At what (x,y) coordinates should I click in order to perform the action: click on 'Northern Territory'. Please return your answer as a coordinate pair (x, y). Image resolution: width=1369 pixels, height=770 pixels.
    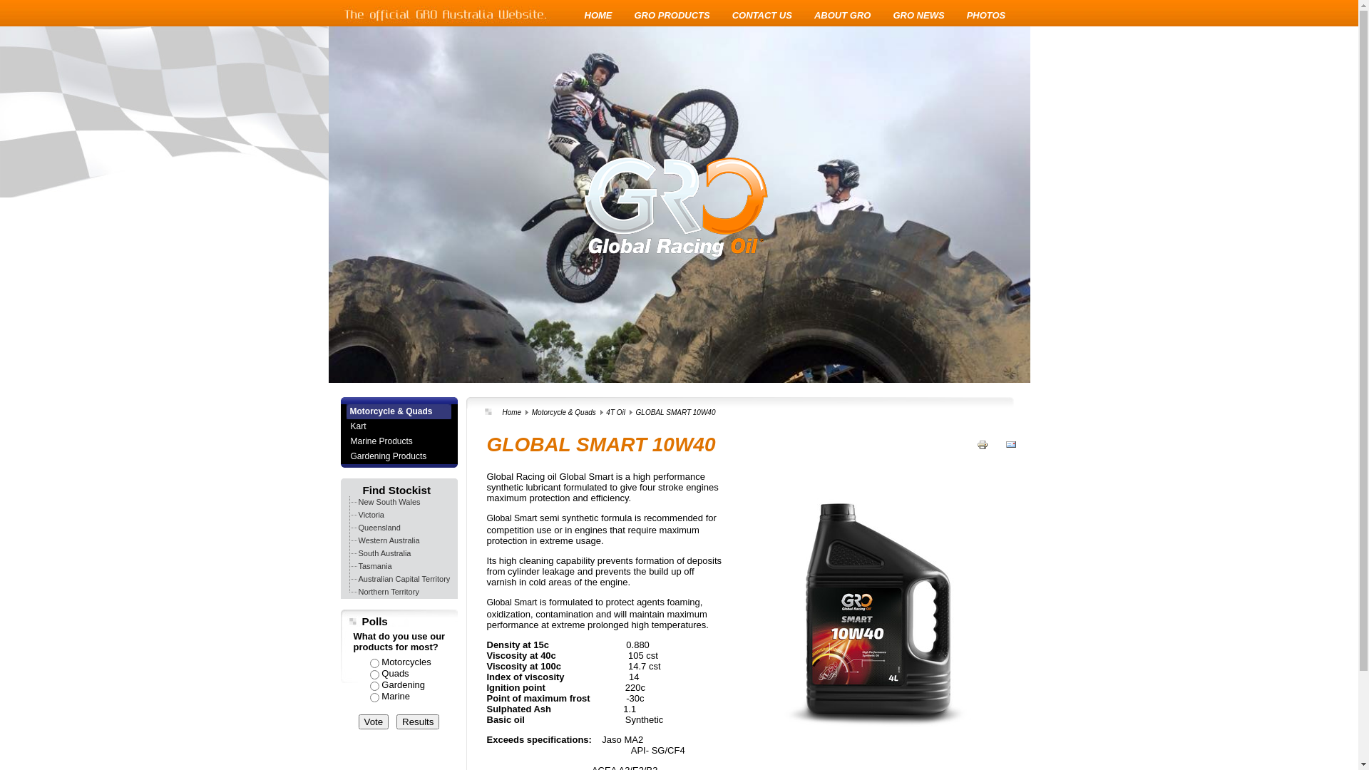
    Looking at the image, I should click on (388, 591).